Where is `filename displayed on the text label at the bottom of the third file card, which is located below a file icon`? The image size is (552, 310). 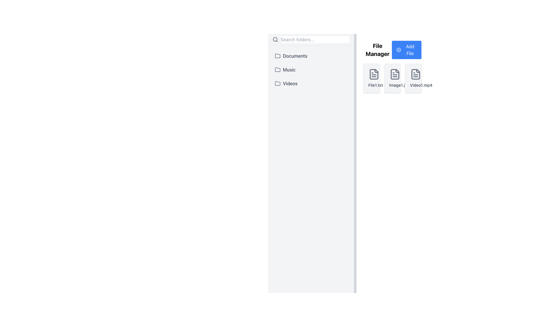 filename displayed on the text label at the bottom of the third file card, which is located below a file icon is located at coordinates (413, 85).